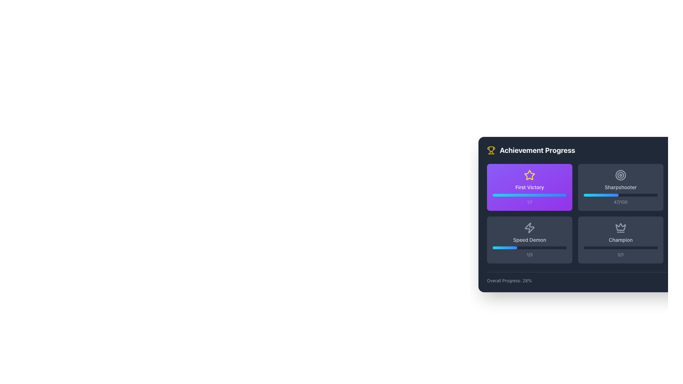 This screenshot has width=683, height=384. Describe the element at coordinates (529, 228) in the screenshot. I see `the minimalistic gray lightning icon in the 'Speed Demon' section above the progress bar and text indicator '1/3'` at that location.